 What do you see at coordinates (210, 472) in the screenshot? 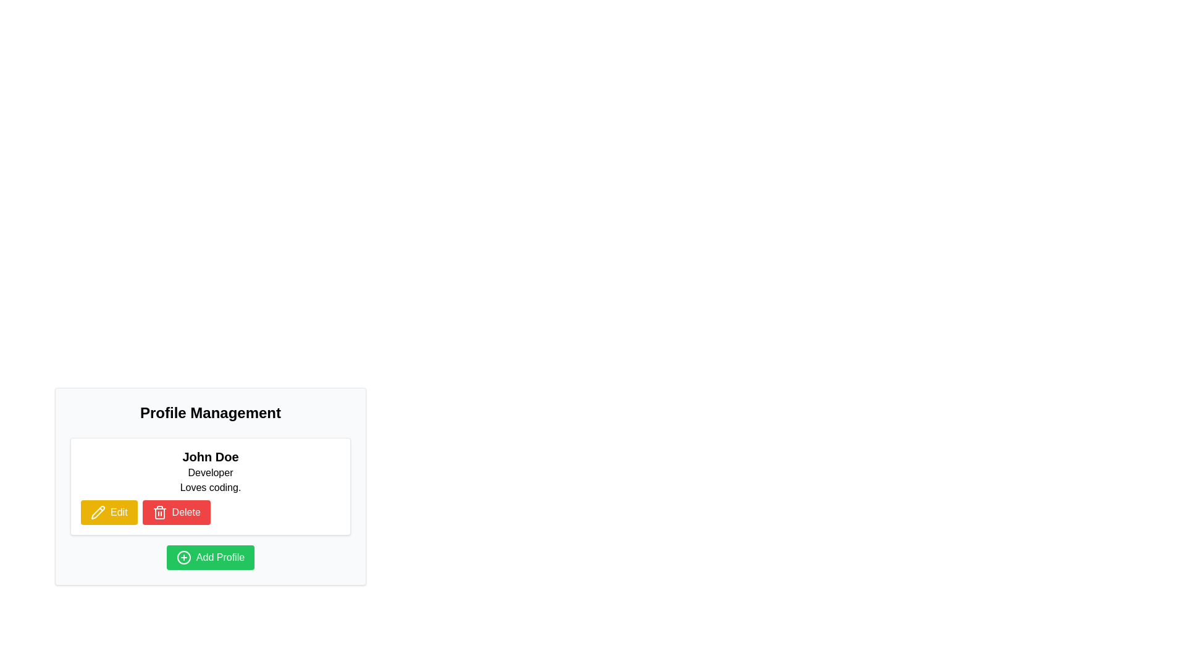
I see `the 'Developer' text label, which is a plain black text label centered beneath the title 'John Doe' in the profile information section` at bounding box center [210, 472].